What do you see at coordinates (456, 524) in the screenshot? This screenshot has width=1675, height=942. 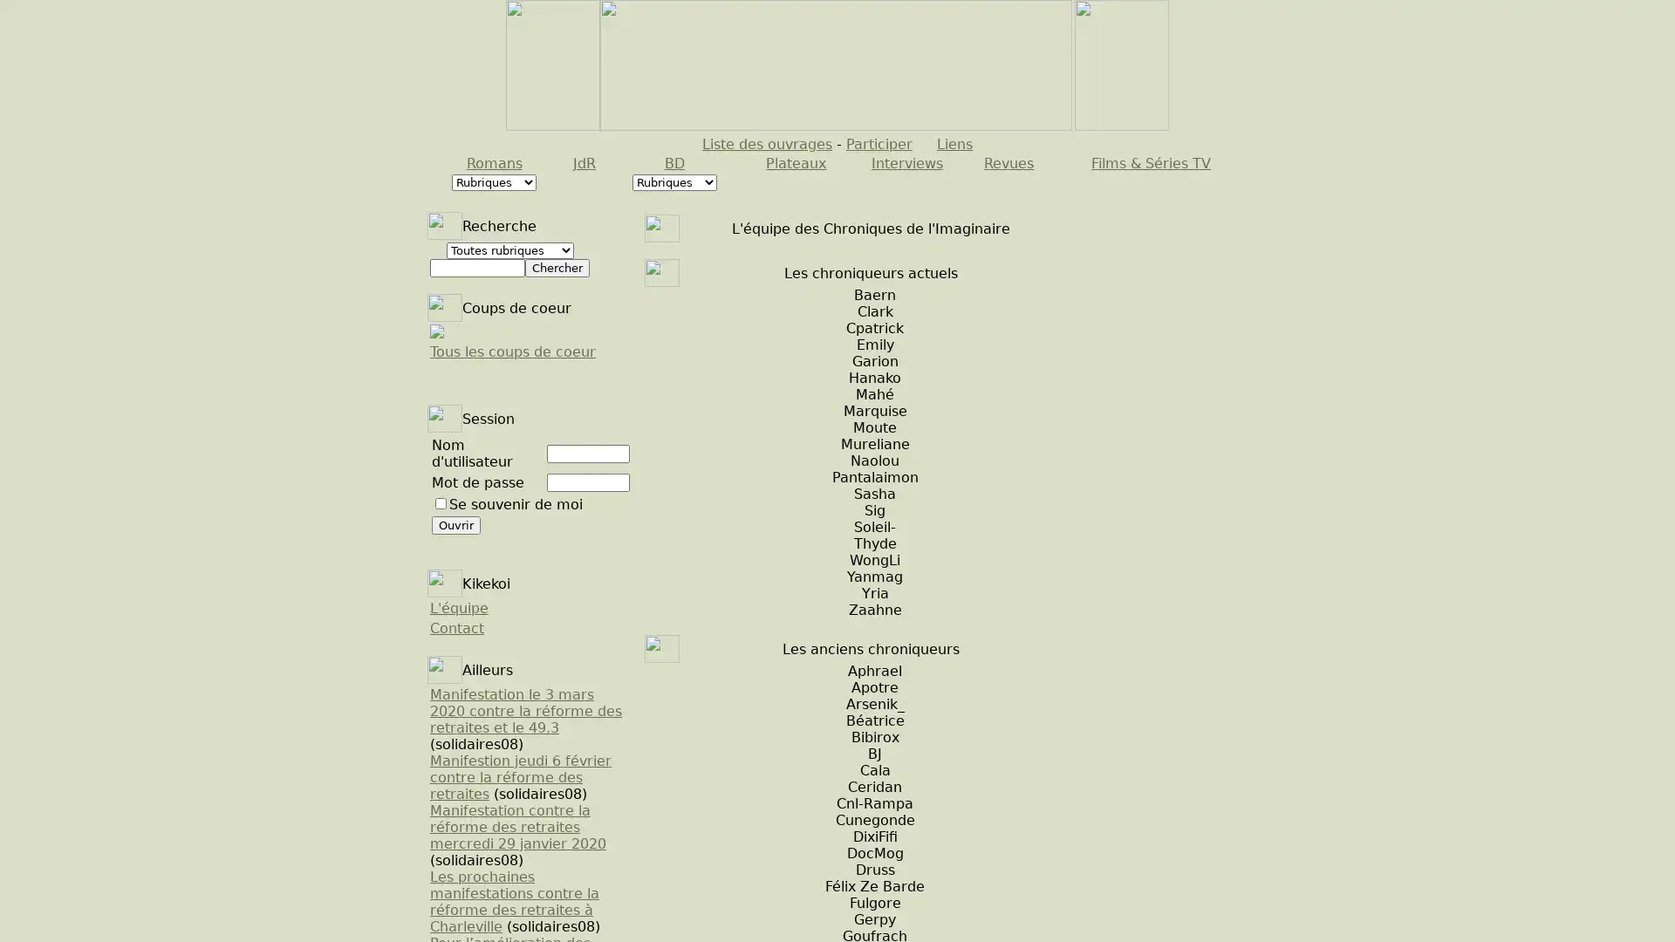 I see `Ouvrir` at bounding box center [456, 524].